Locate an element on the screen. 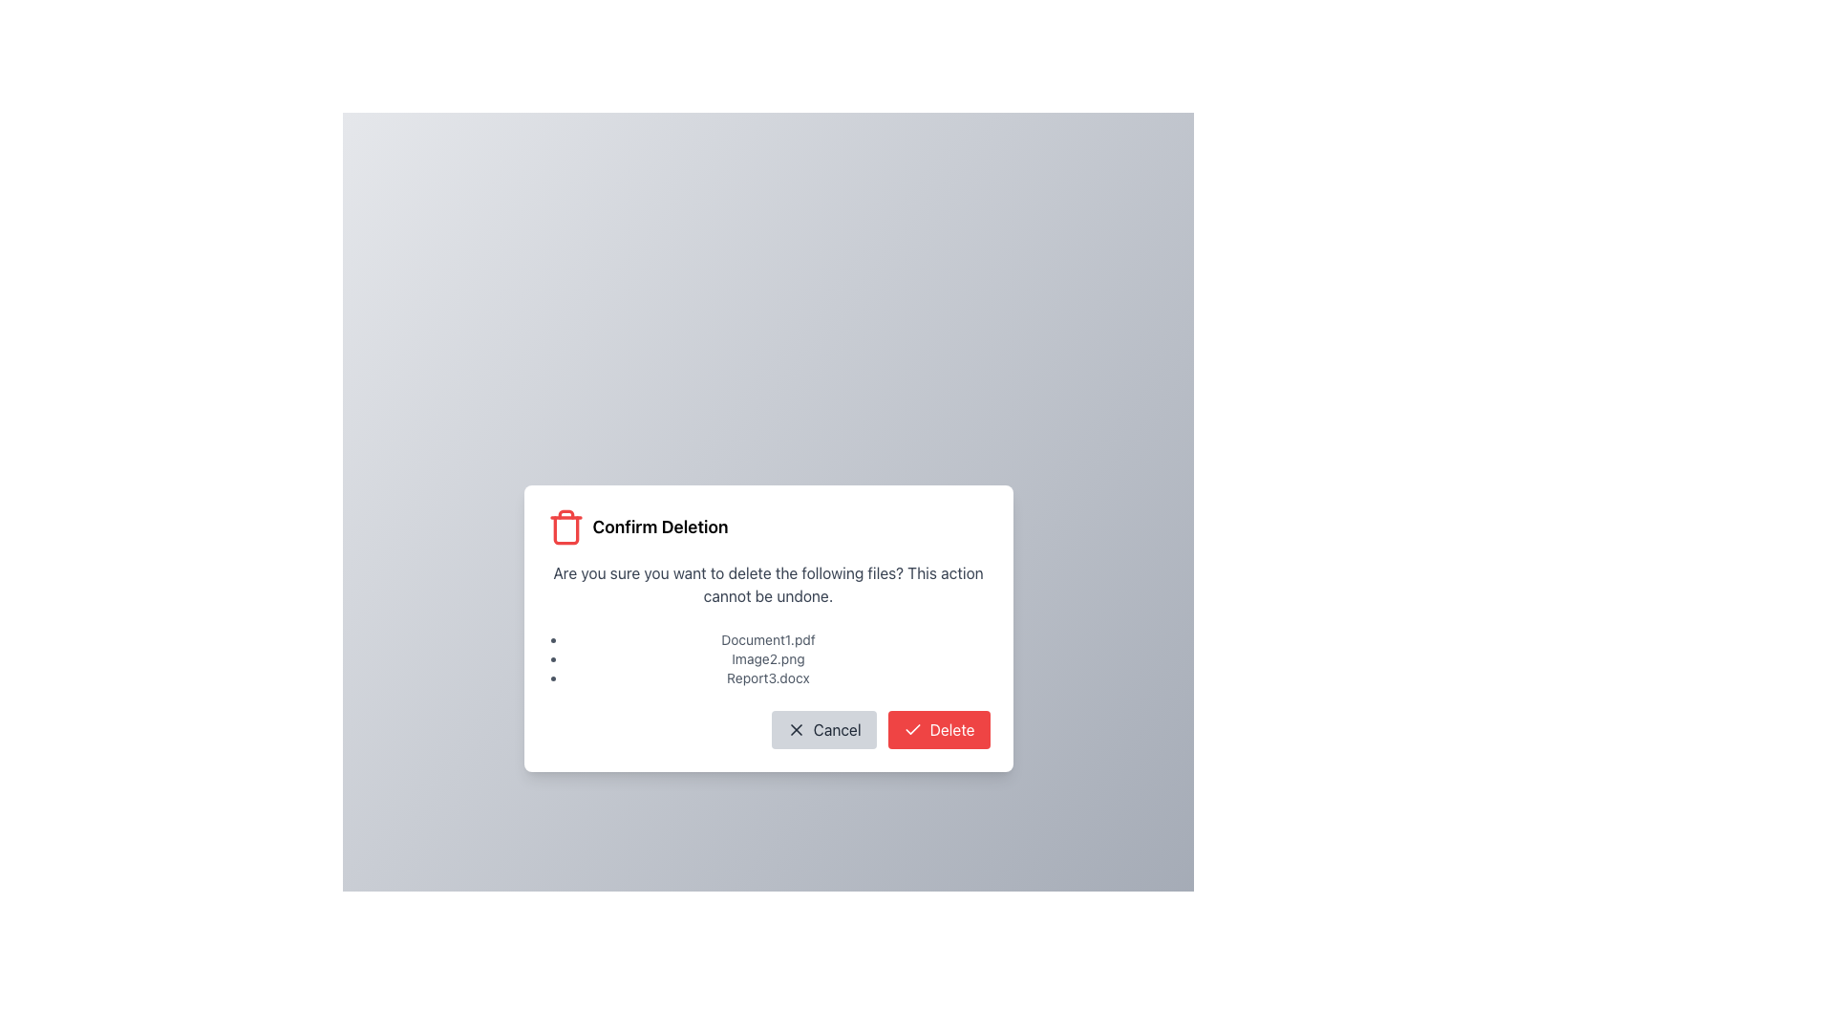 The height and width of the screenshot is (1032, 1834). the close/cancel button represented by a thin black cross ('X') icon located at the bottom center of the modal dialog is located at coordinates (796, 729).